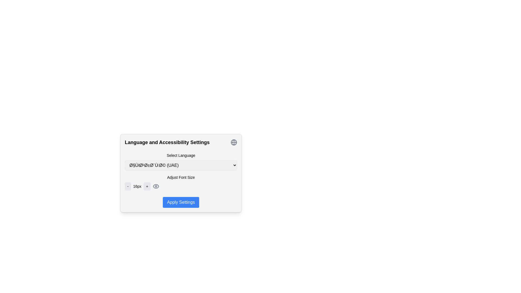  Describe the element at coordinates (181, 202) in the screenshot. I see `the 'Apply' button located centrally at the bottom of the 'Language and Accessibility Settings' card to apply the changes made in the settings interface` at that location.